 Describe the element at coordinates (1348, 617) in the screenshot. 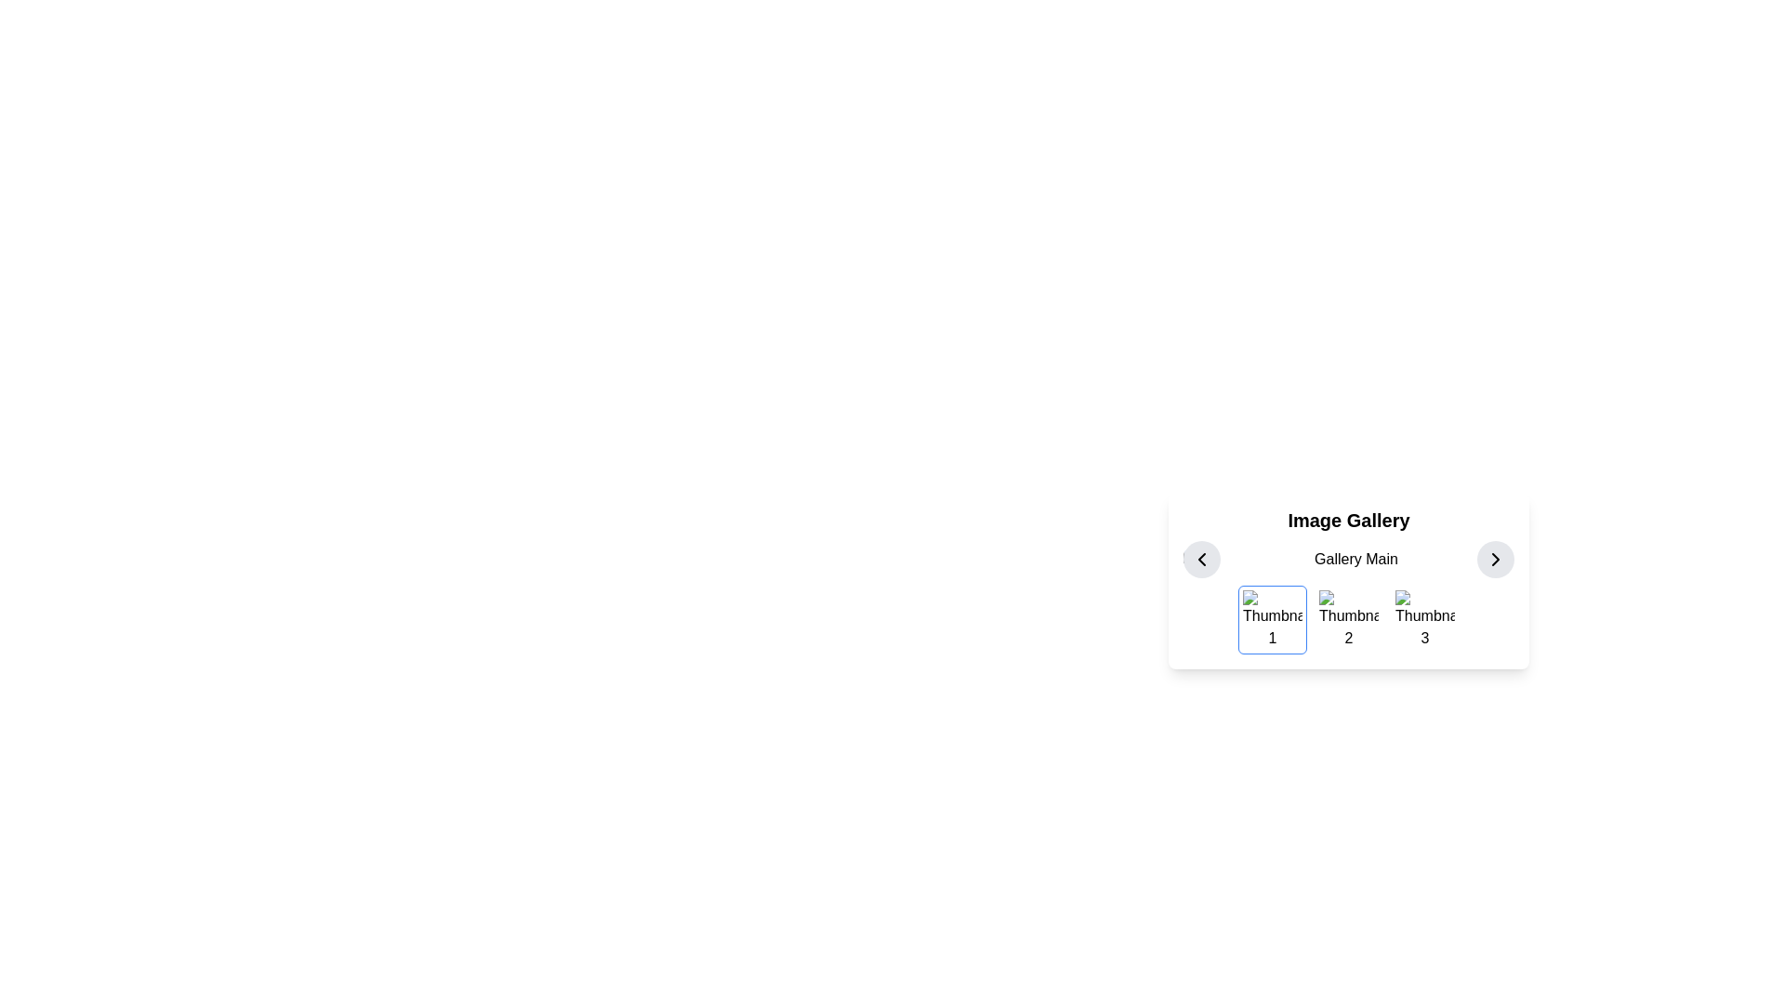

I see `the thumbnail in the gallery interface` at that location.